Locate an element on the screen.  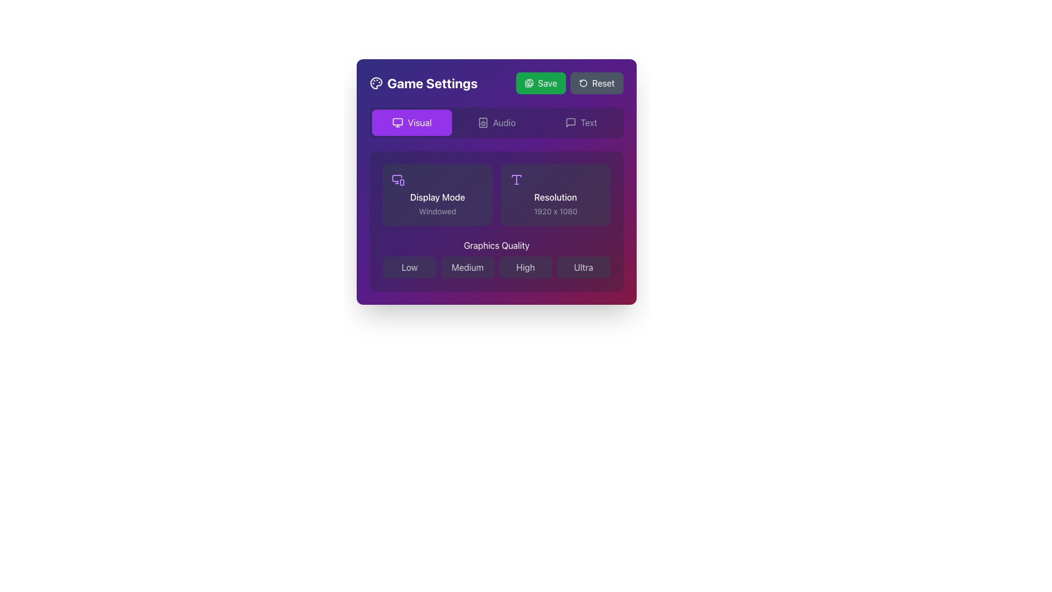
the 'Low' graphics quality button located at the bottom part of the card labeled 'Graphics Quality' for keyboard interaction is located at coordinates (409, 267).